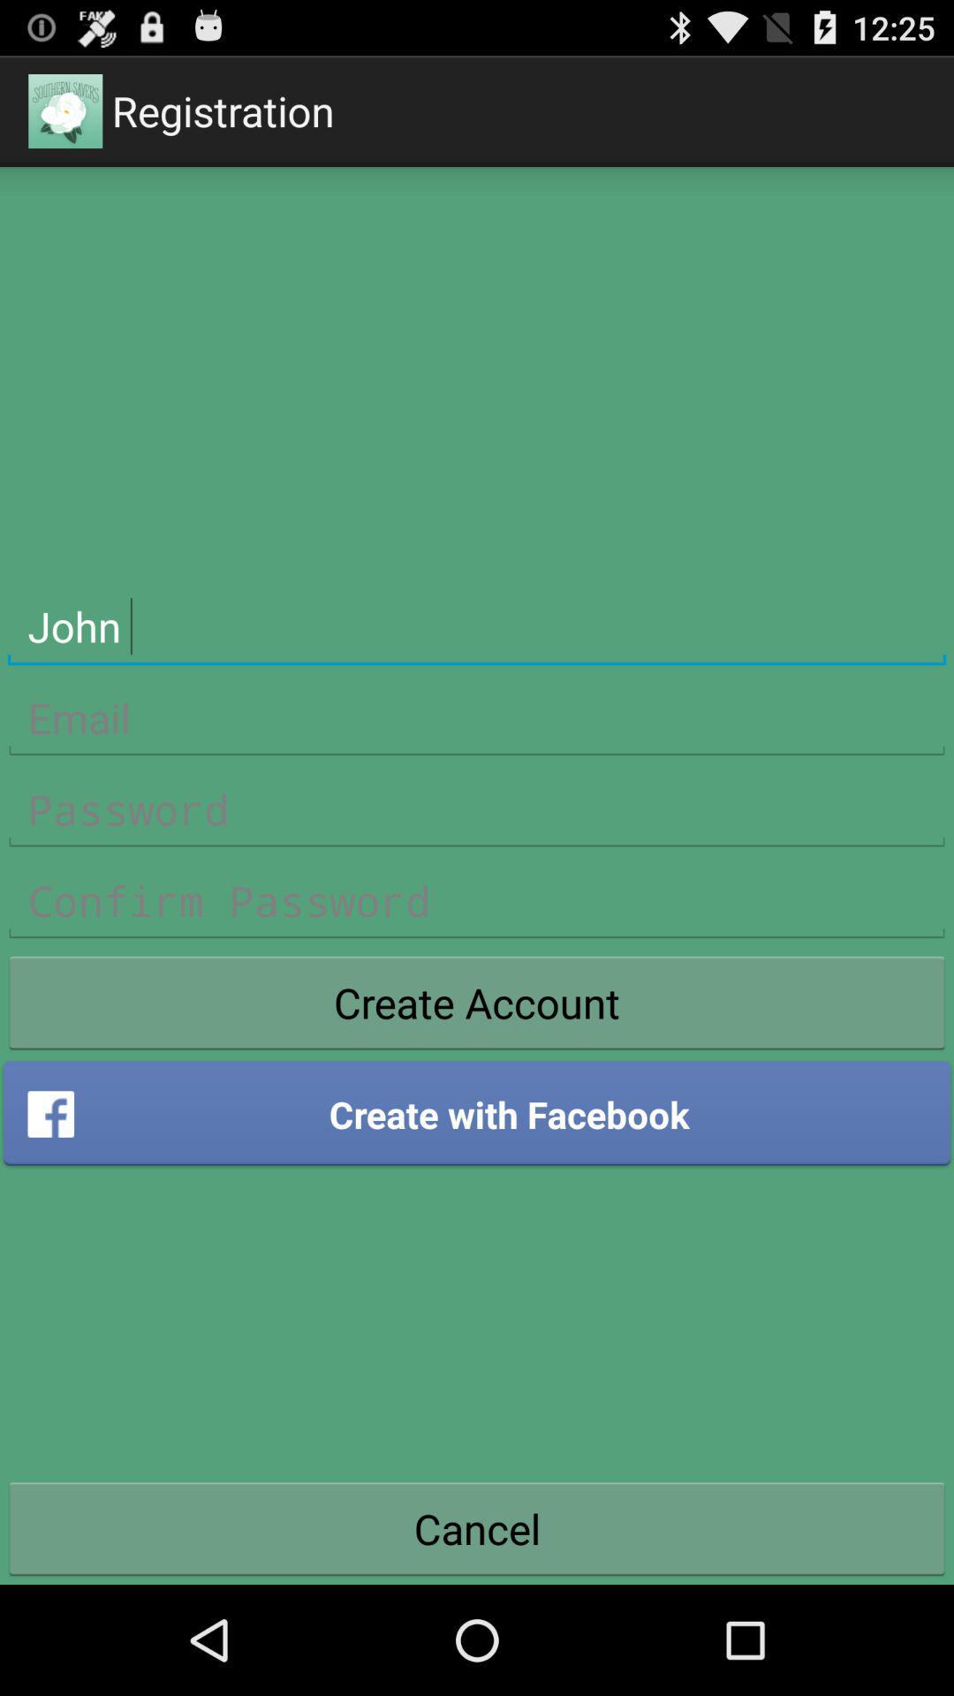 The width and height of the screenshot is (954, 1696). Describe the element at coordinates (477, 901) in the screenshot. I see `type confirmed password` at that location.